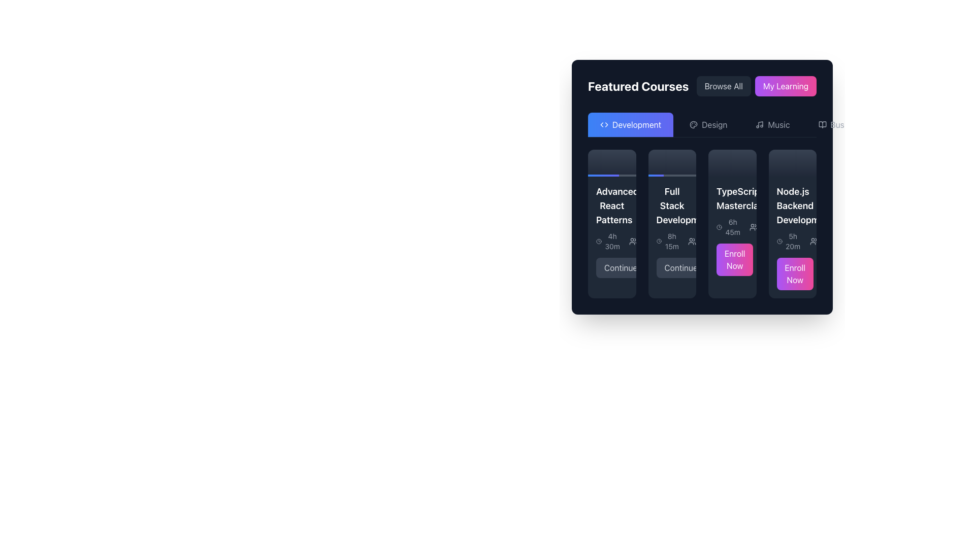 This screenshot has height=548, width=975. Describe the element at coordinates (630, 124) in the screenshot. I see `the 'Development' tab button for keyboard navigation compatibility` at that location.